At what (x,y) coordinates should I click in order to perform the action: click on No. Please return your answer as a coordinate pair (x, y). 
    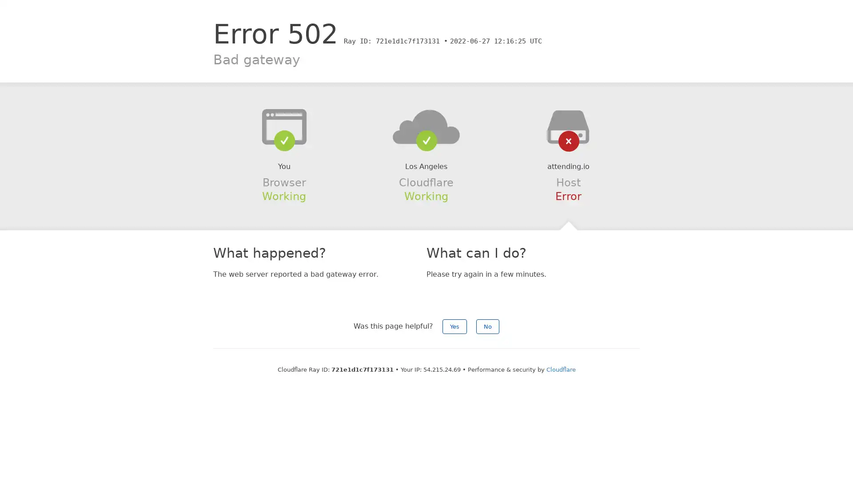
    Looking at the image, I should click on (487, 326).